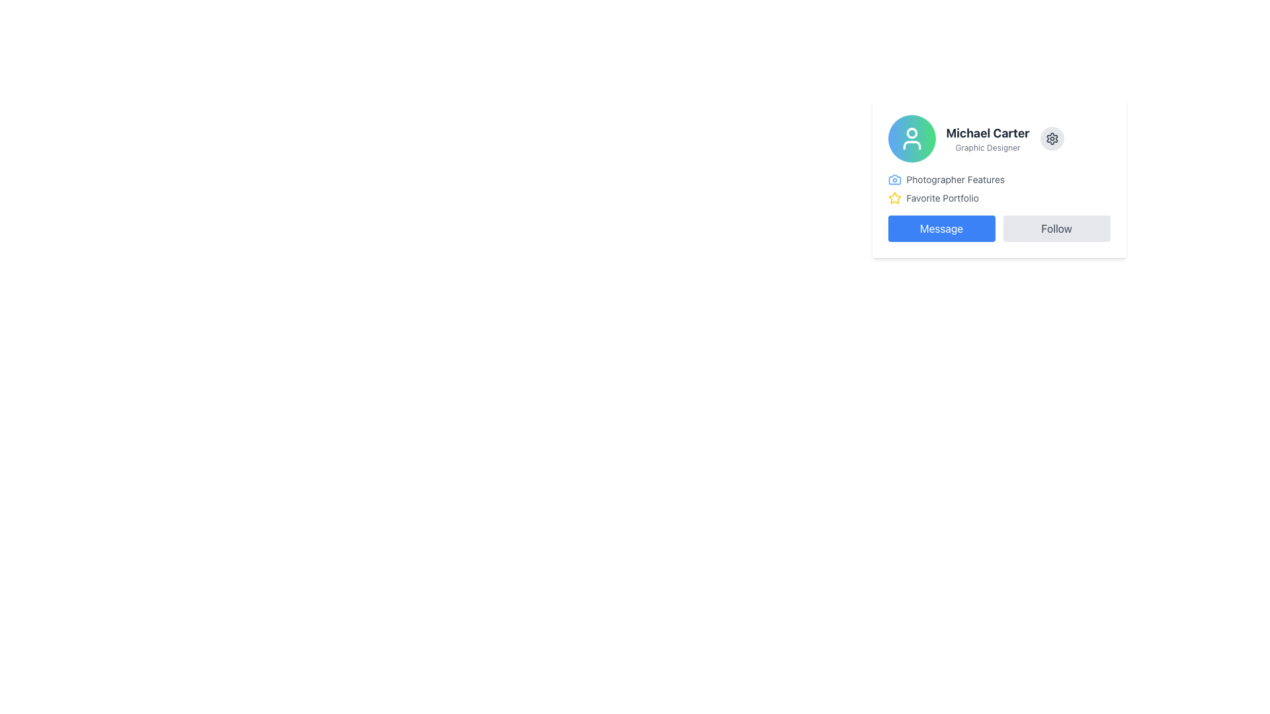 This screenshot has height=714, width=1270. What do you see at coordinates (911, 133) in the screenshot?
I see `the SVG Circle element which is part of a user profile picture icon, positioned above the user's torso representation` at bounding box center [911, 133].